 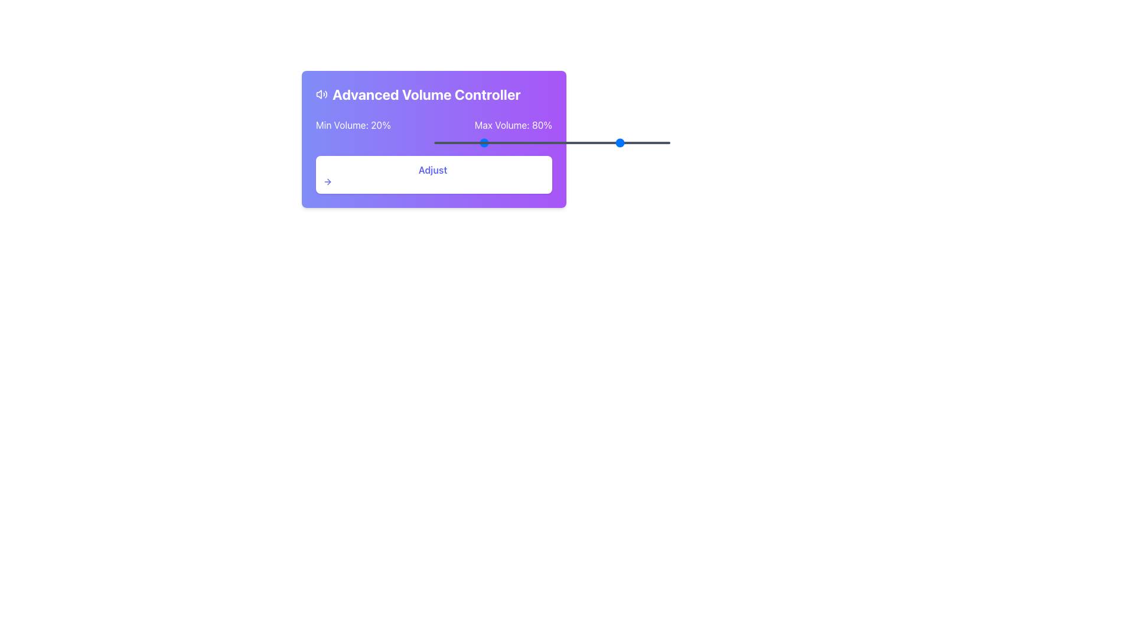 I want to click on the slider, so click(x=627, y=142).